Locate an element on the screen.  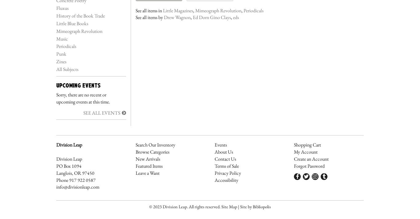
'© 2023 Division Leap.  All rights reserved.' is located at coordinates (185, 206).